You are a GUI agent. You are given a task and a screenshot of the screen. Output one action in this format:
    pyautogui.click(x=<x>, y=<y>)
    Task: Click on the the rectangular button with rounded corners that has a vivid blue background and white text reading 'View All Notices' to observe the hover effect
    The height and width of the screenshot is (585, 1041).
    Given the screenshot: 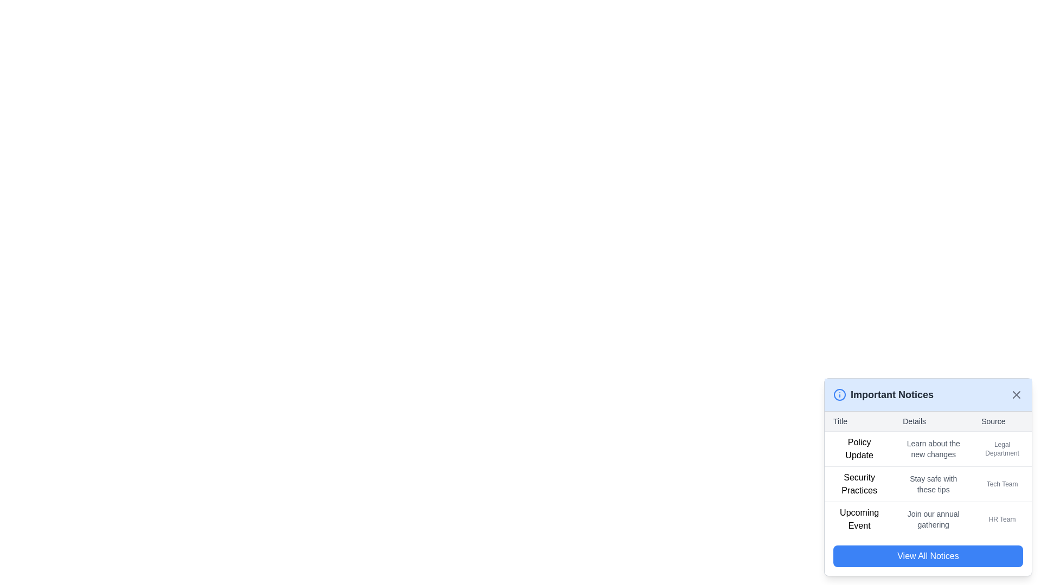 What is the action you would take?
    pyautogui.click(x=928, y=556)
    